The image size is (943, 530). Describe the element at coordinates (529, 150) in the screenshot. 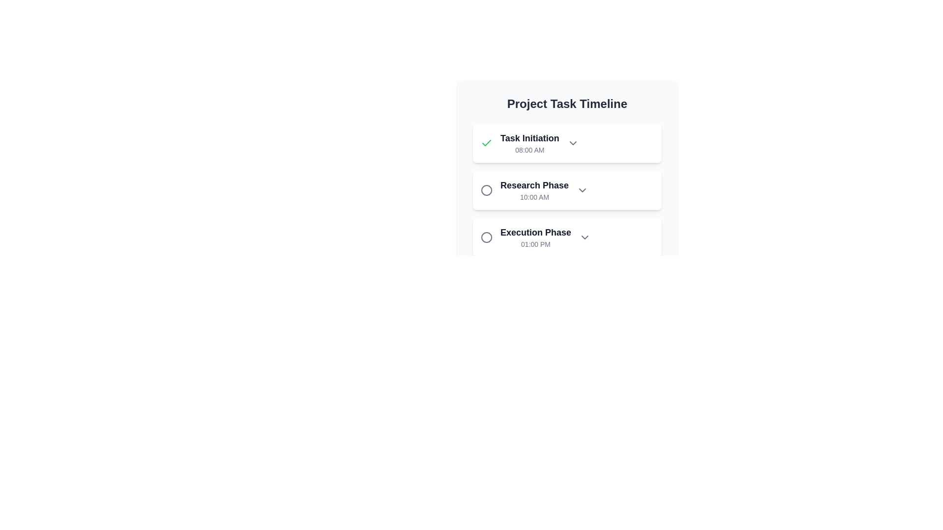

I see `the text label displaying '08:00 AM', which is styled in gray and positioned below the 'Task Initiation' title within the task timeline card` at that location.